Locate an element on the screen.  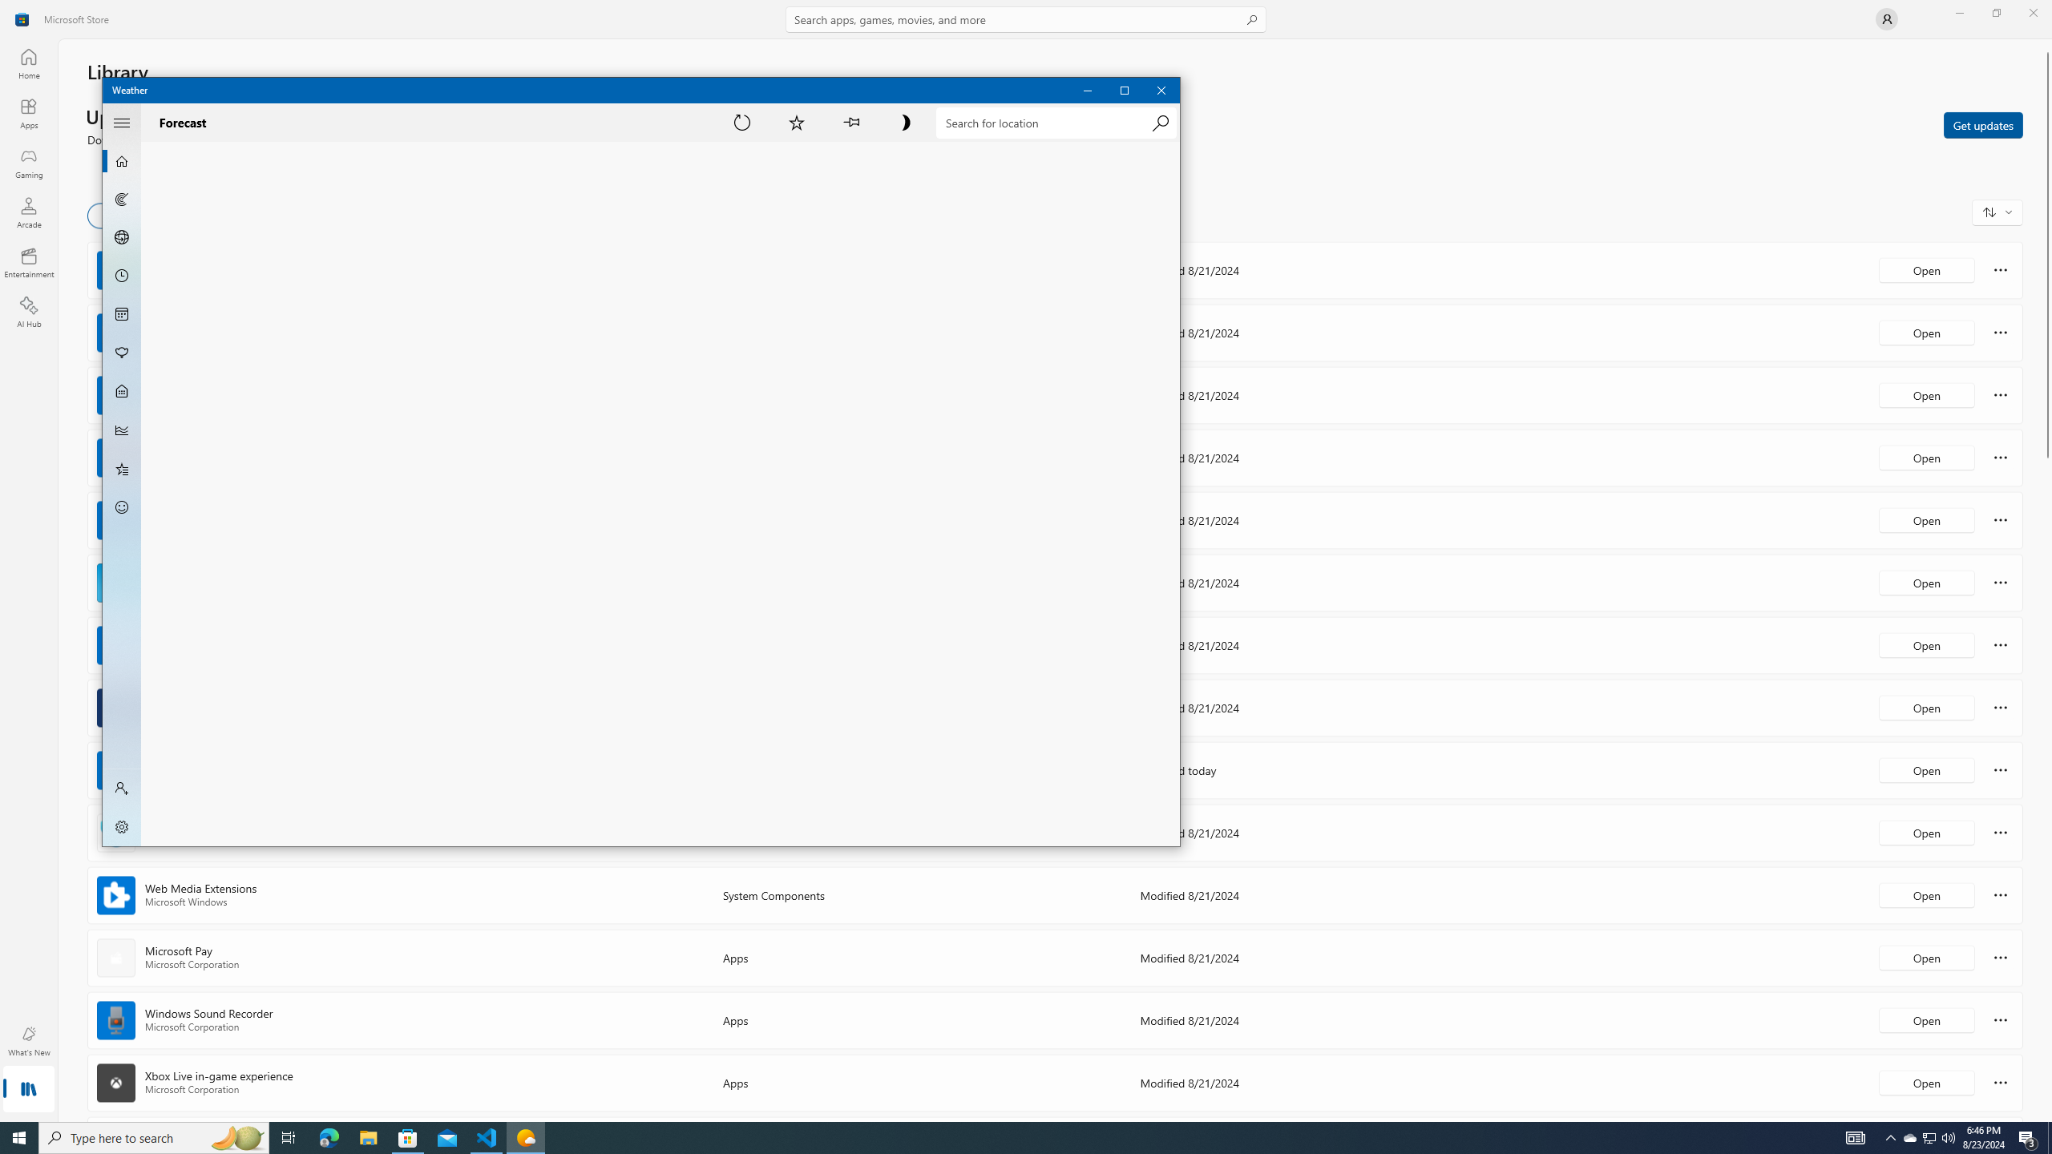
'Action Center, 3 new notifications' is located at coordinates (1929, 1136).